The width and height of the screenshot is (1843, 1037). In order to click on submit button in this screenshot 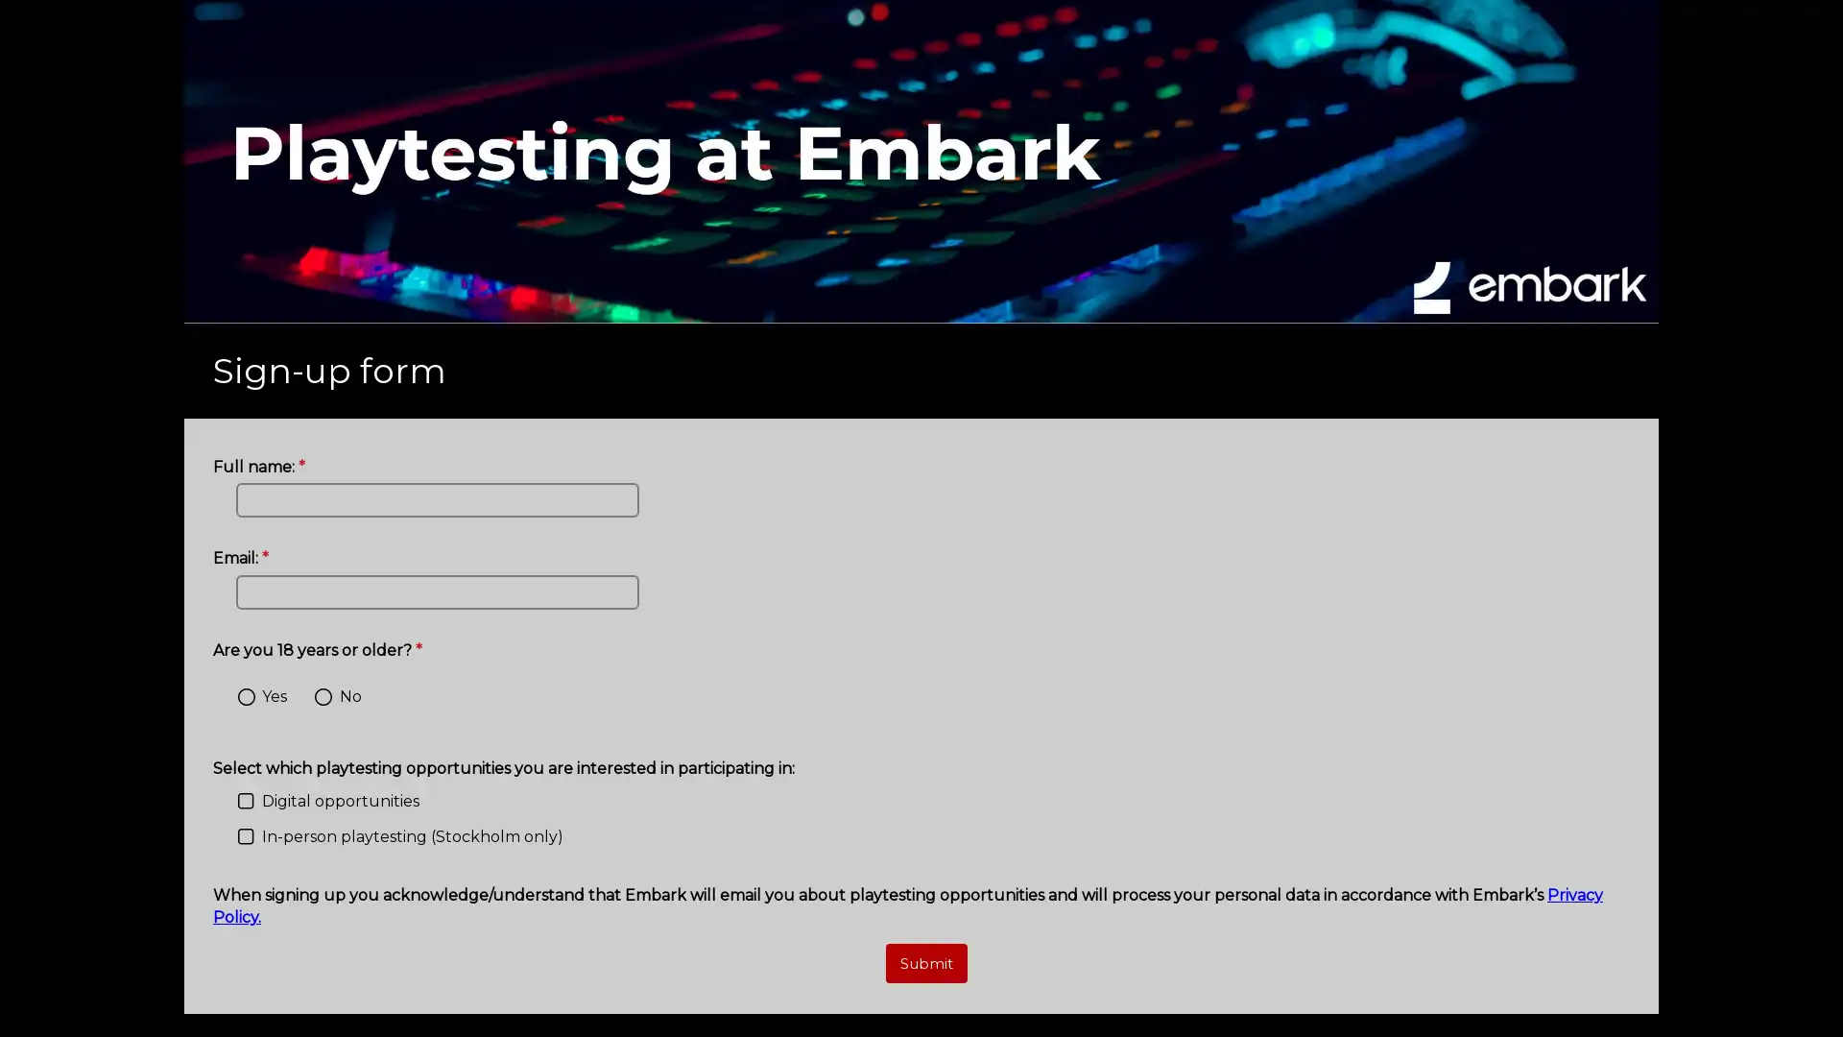, I will do `click(925, 963)`.